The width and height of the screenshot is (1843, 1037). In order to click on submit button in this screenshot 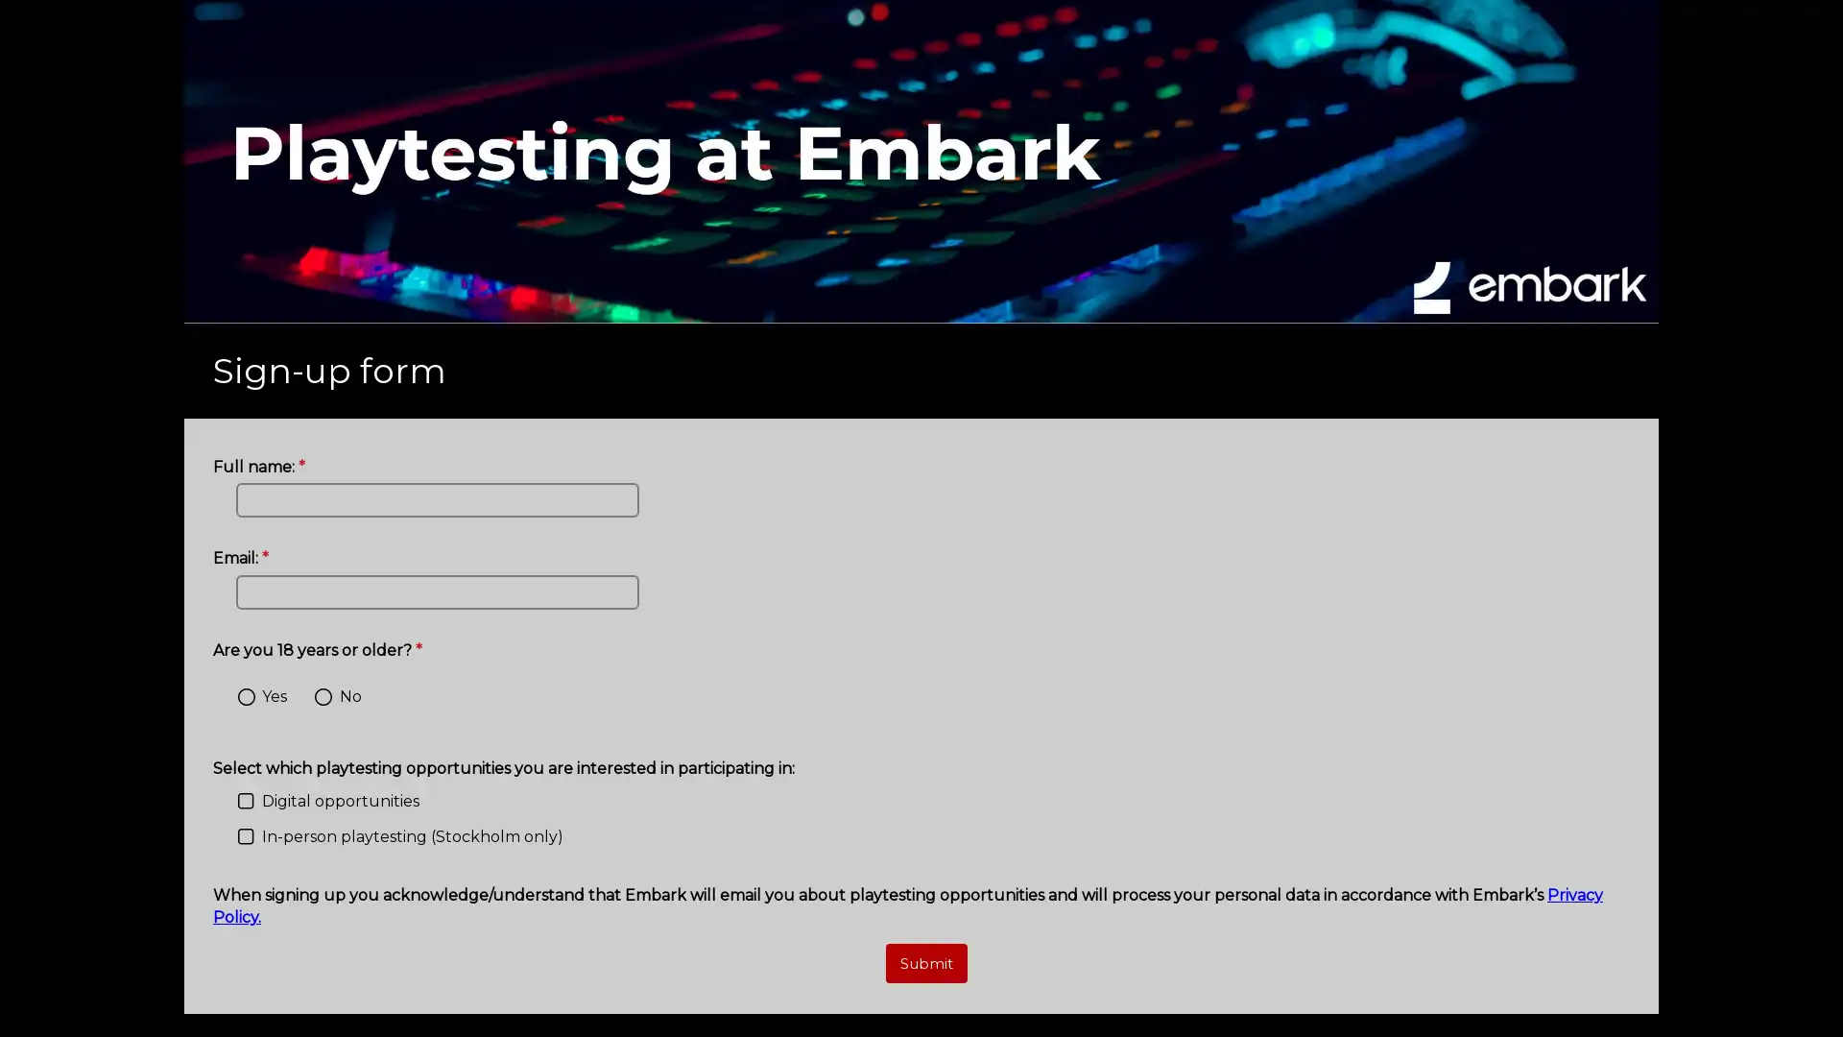, I will do `click(925, 963)`.